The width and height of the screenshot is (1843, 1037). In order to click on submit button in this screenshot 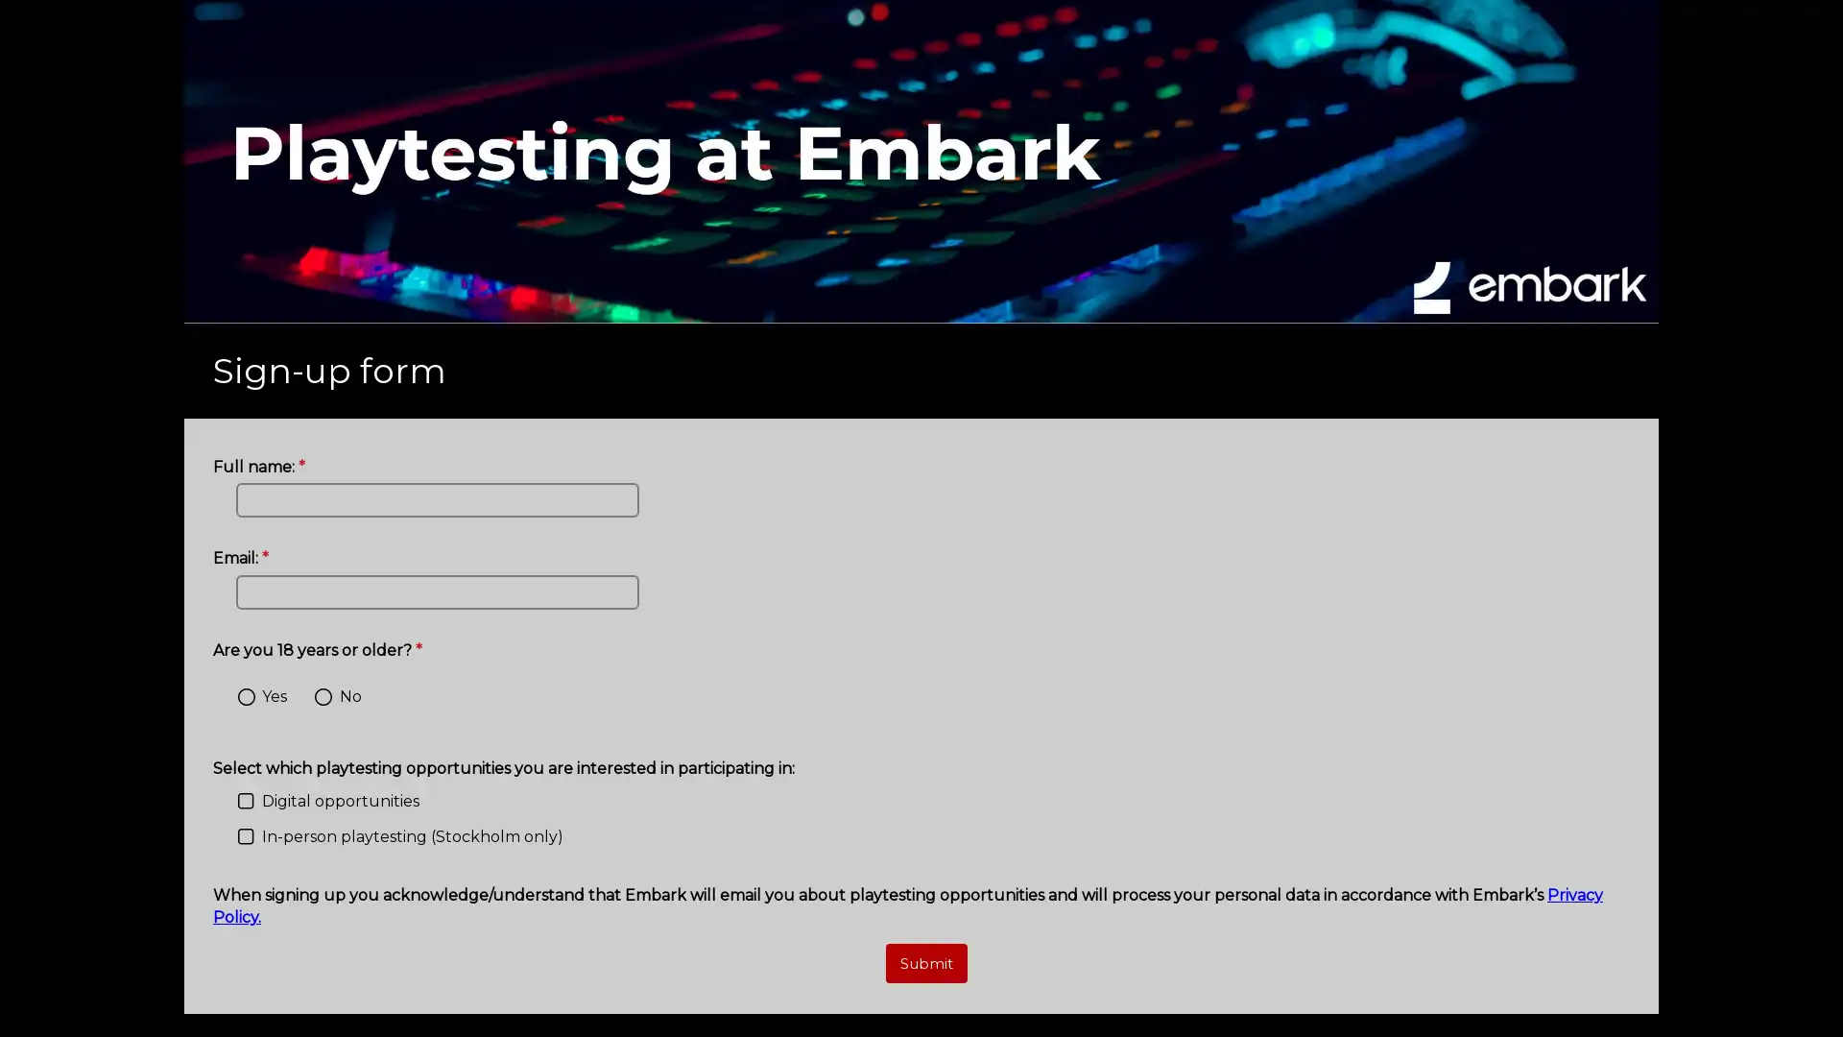, I will do `click(925, 963)`.